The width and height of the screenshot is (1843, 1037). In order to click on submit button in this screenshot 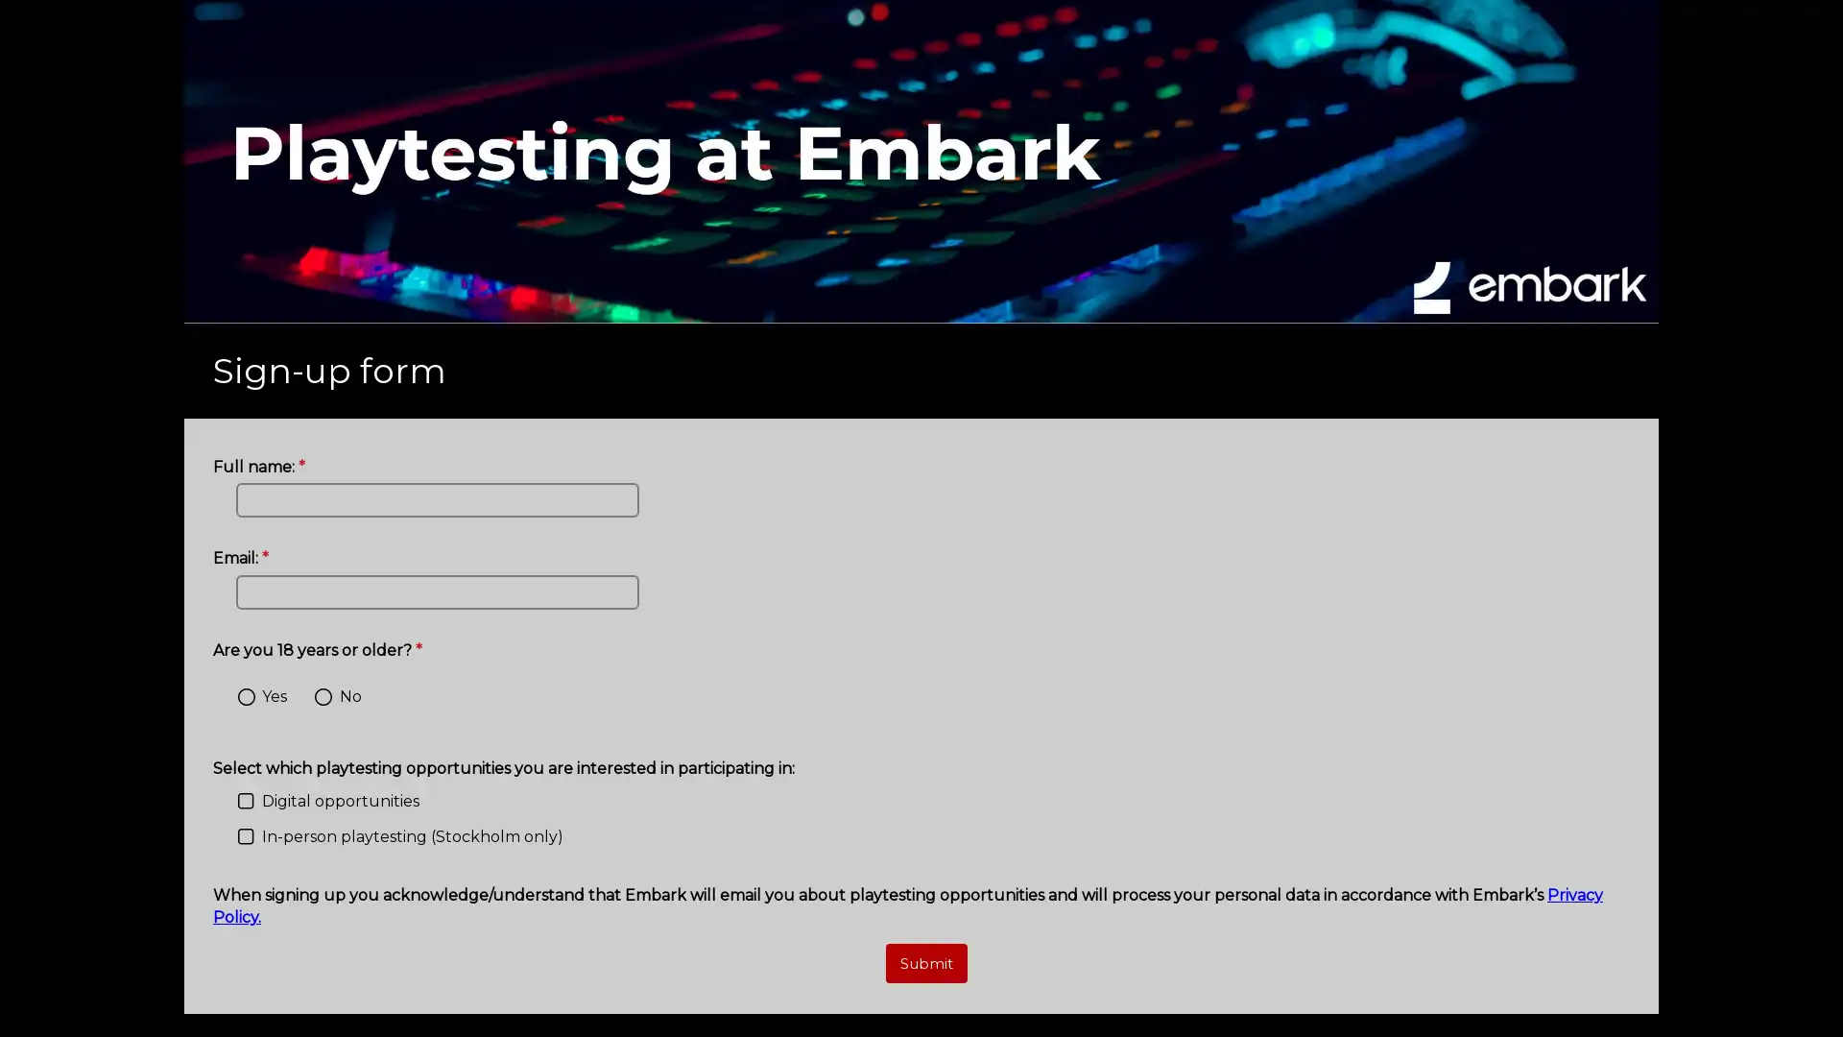, I will do `click(925, 963)`.